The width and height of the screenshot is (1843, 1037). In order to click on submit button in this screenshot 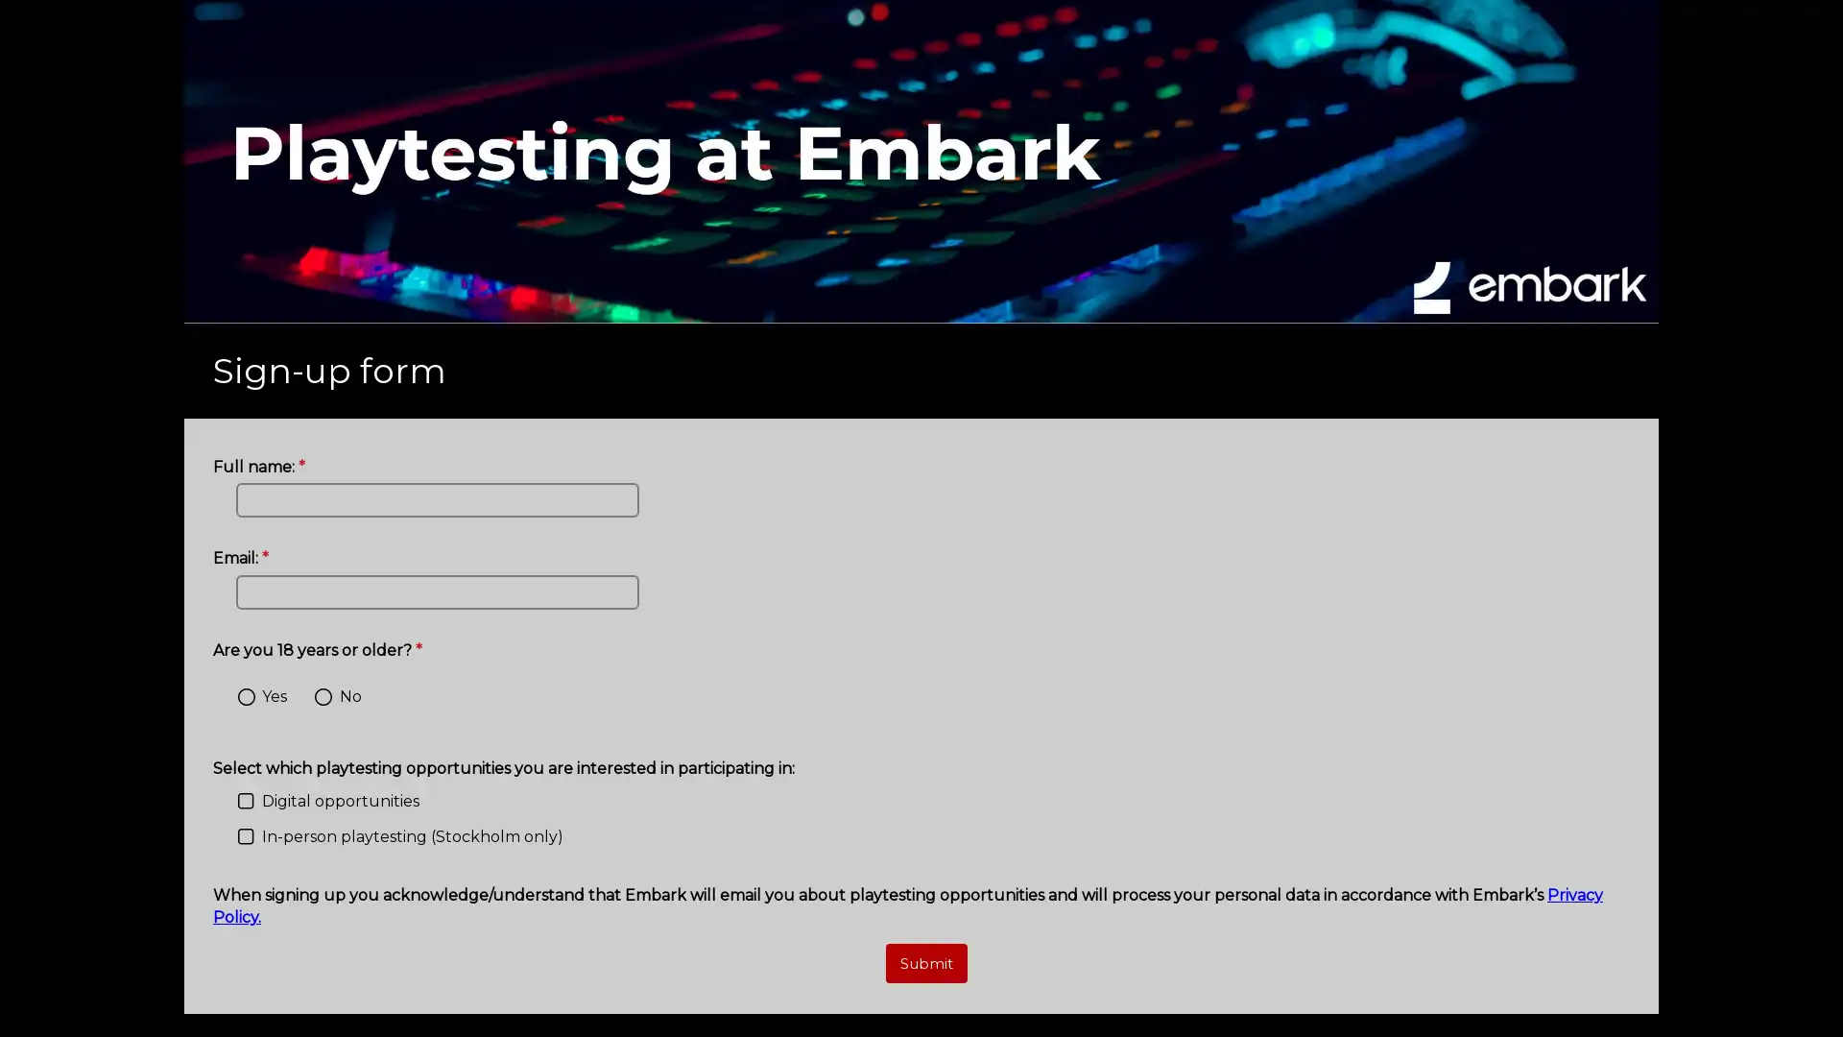, I will do `click(925, 963)`.